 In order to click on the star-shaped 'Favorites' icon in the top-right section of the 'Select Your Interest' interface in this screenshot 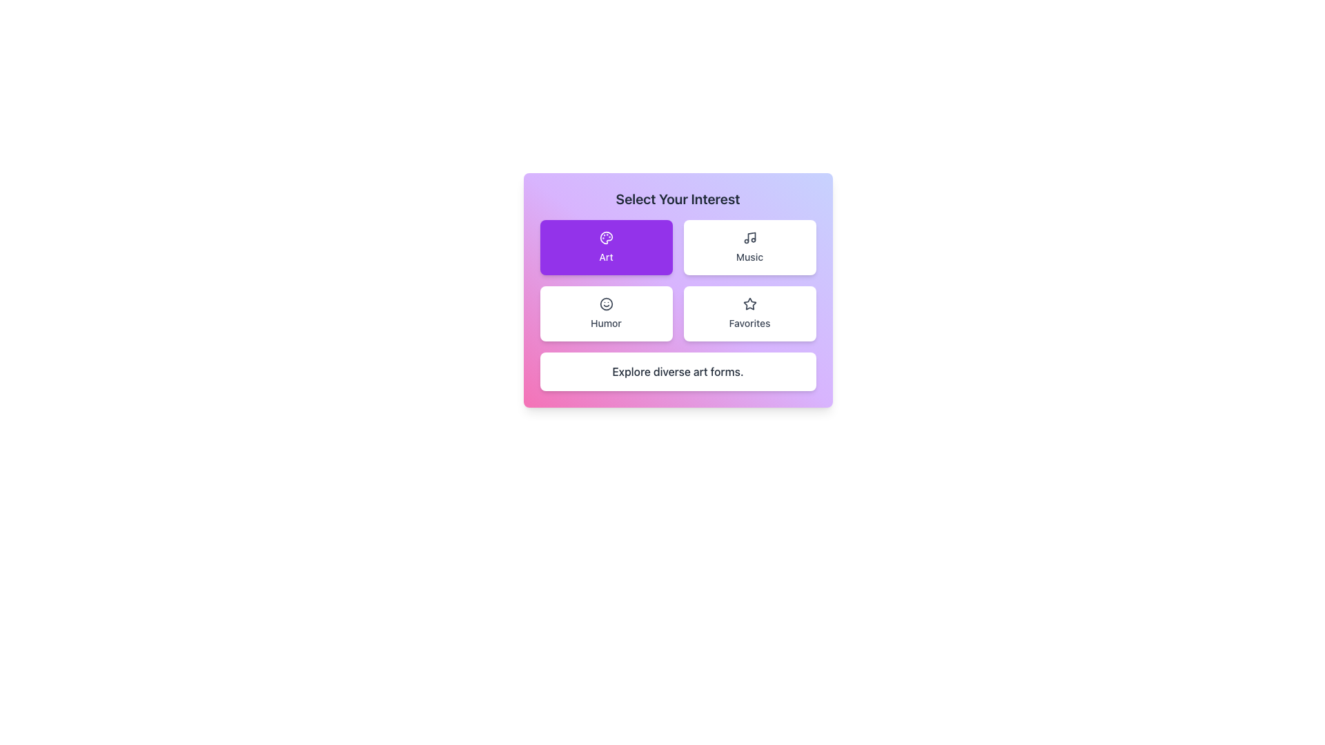, I will do `click(748, 302)`.